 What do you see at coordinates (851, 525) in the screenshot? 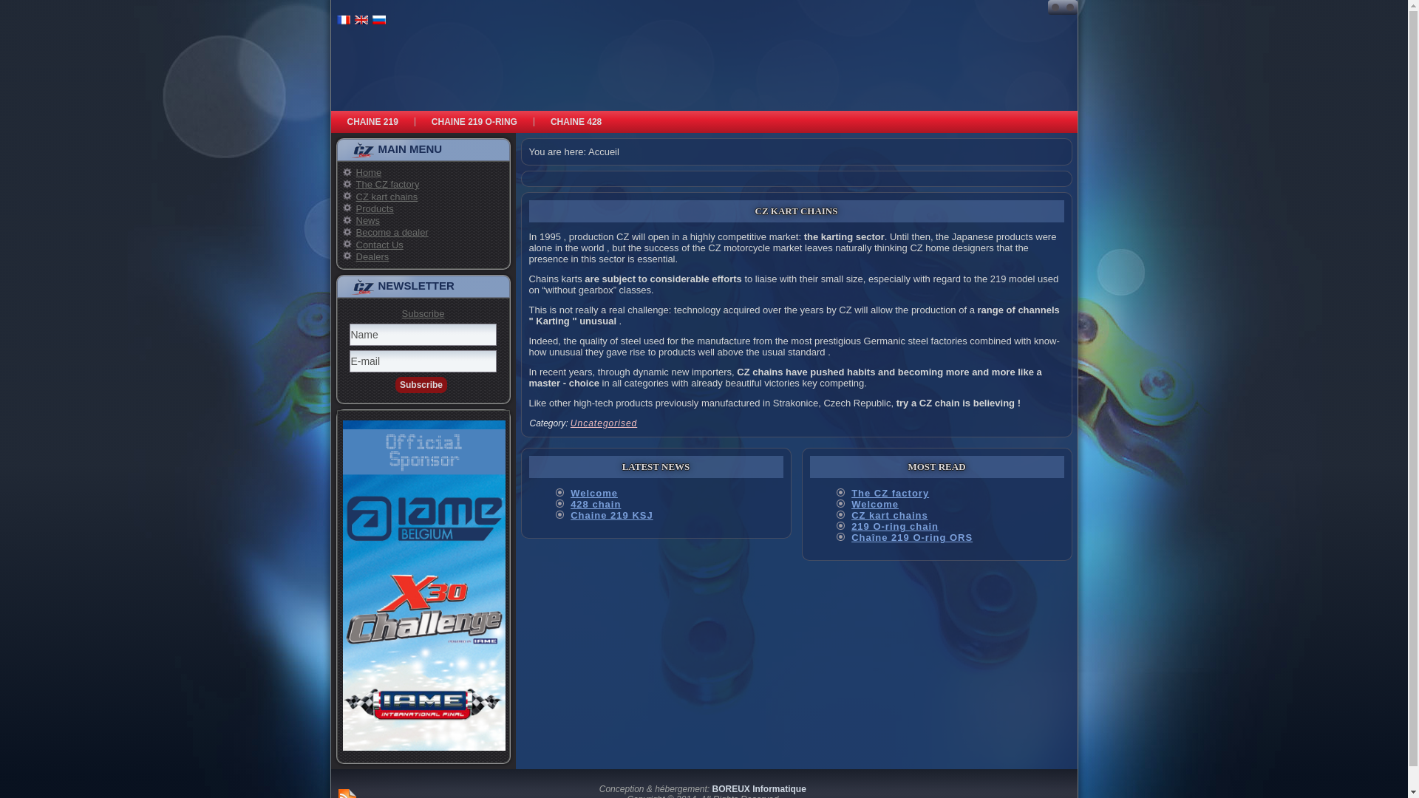
I see `'219 O-ring chain'` at bounding box center [851, 525].